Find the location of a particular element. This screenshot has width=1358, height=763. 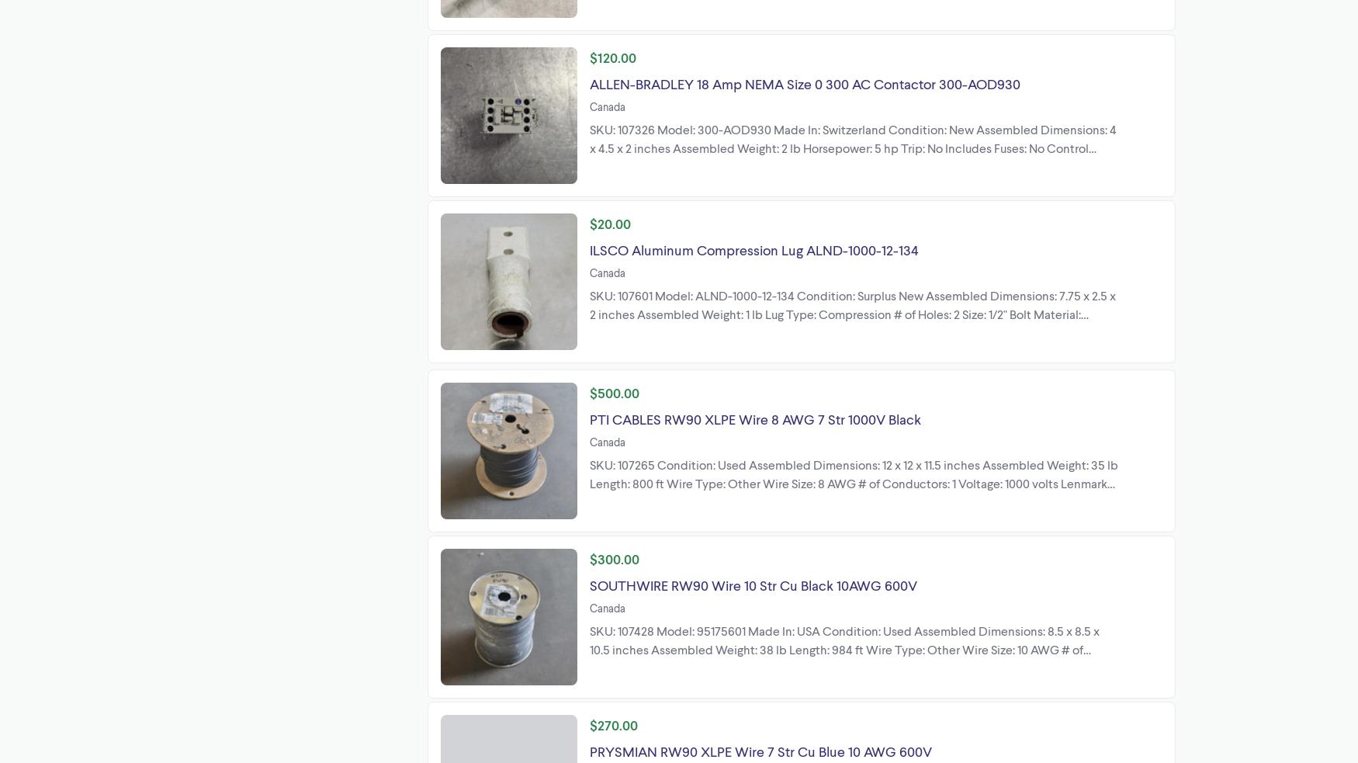

'SKU: 107428 Model: 95175601 Made In: USA Condition: Used Assembled Dimensions: 8.5 x 8.5 x 10.5 inches Assembled Weight: 38 lb Length: 984 ft Wire Type: Other Wire Size: 10 AWG # of Conductors: 1 Voltage: 600 volts Lenmark Industries Ltd 27576 51a Ave Langley, British Columbia Canada V4W4A9 Tel: 604.449.1880' is located at coordinates (589, 657).